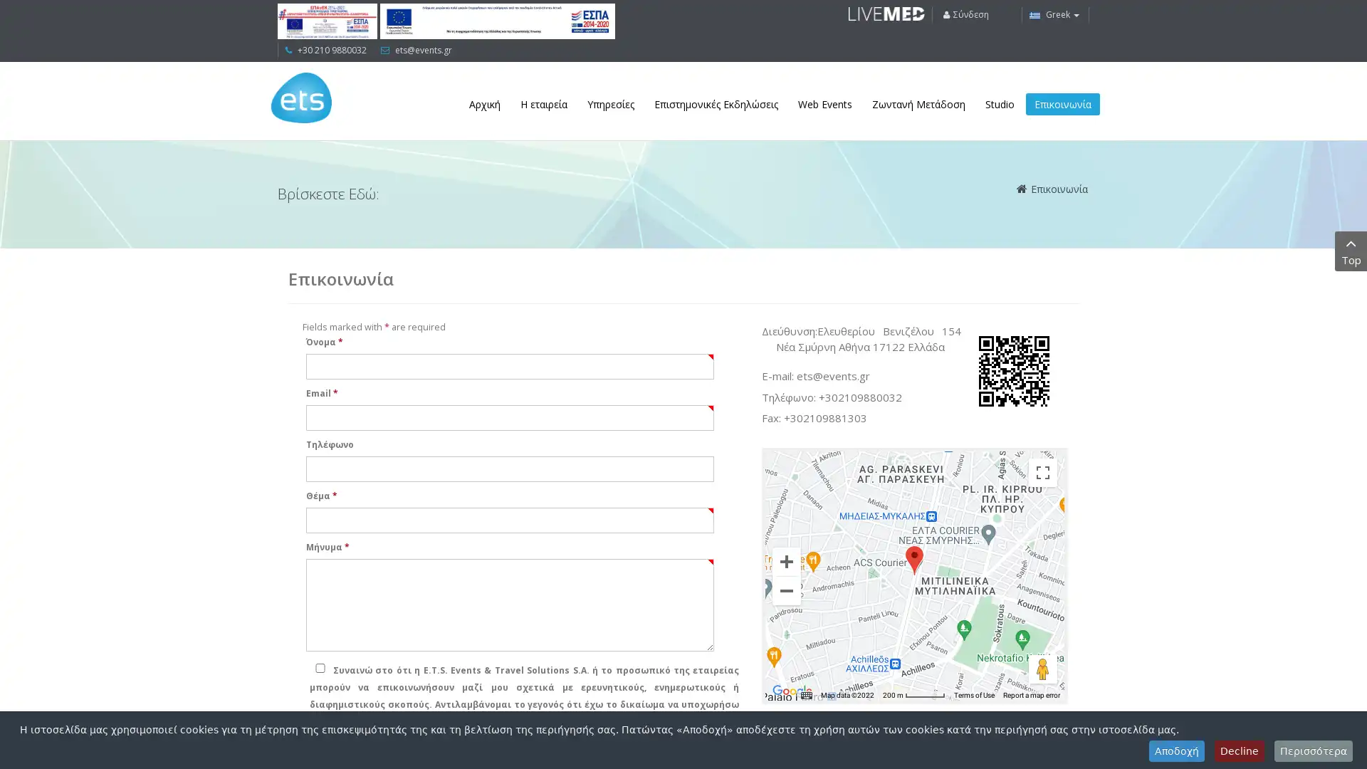 This screenshot has width=1367, height=769. Describe the element at coordinates (785, 590) in the screenshot. I see `Zoom out` at that location.